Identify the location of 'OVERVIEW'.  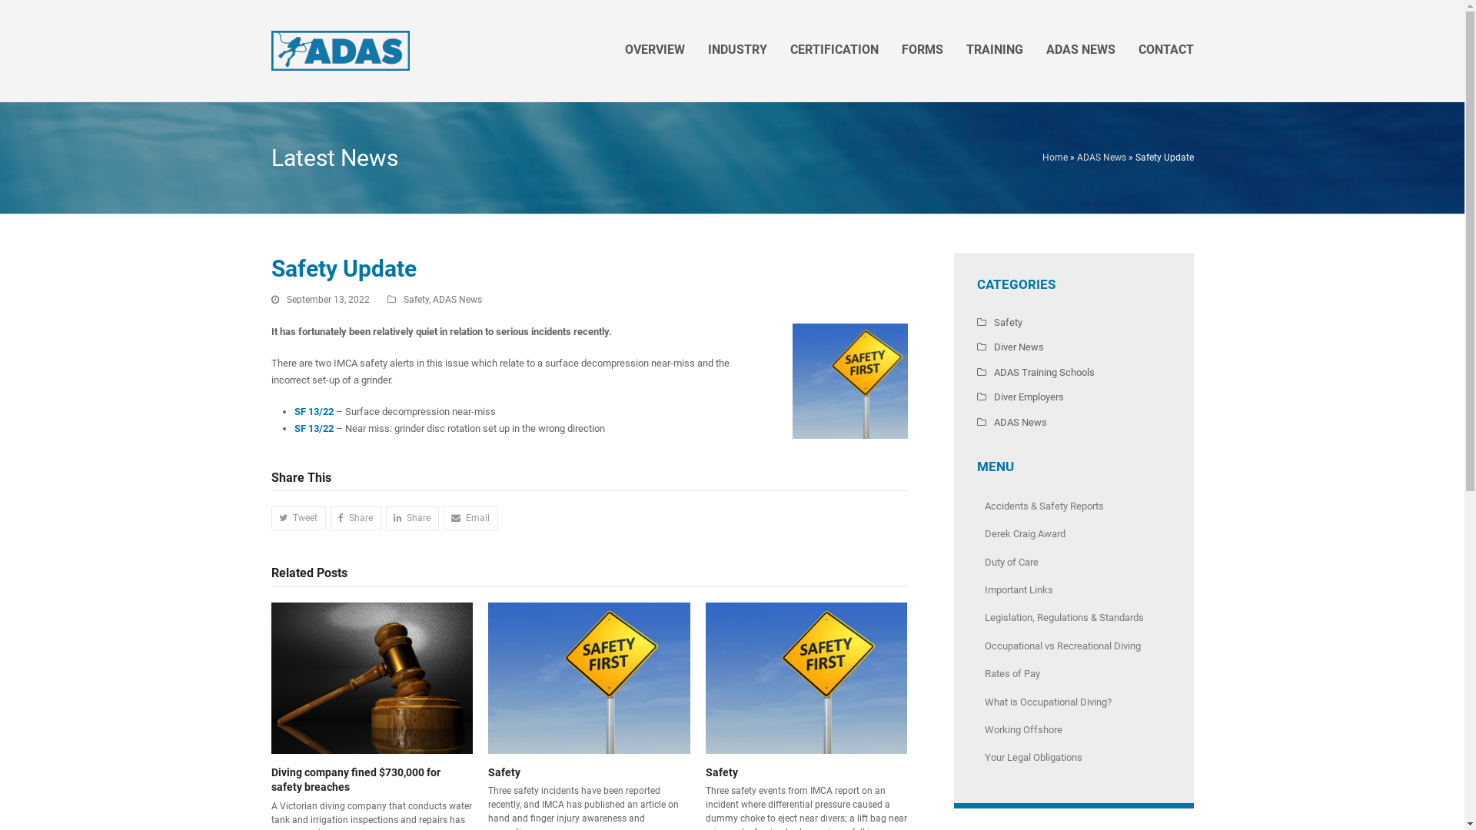
(654, 49).